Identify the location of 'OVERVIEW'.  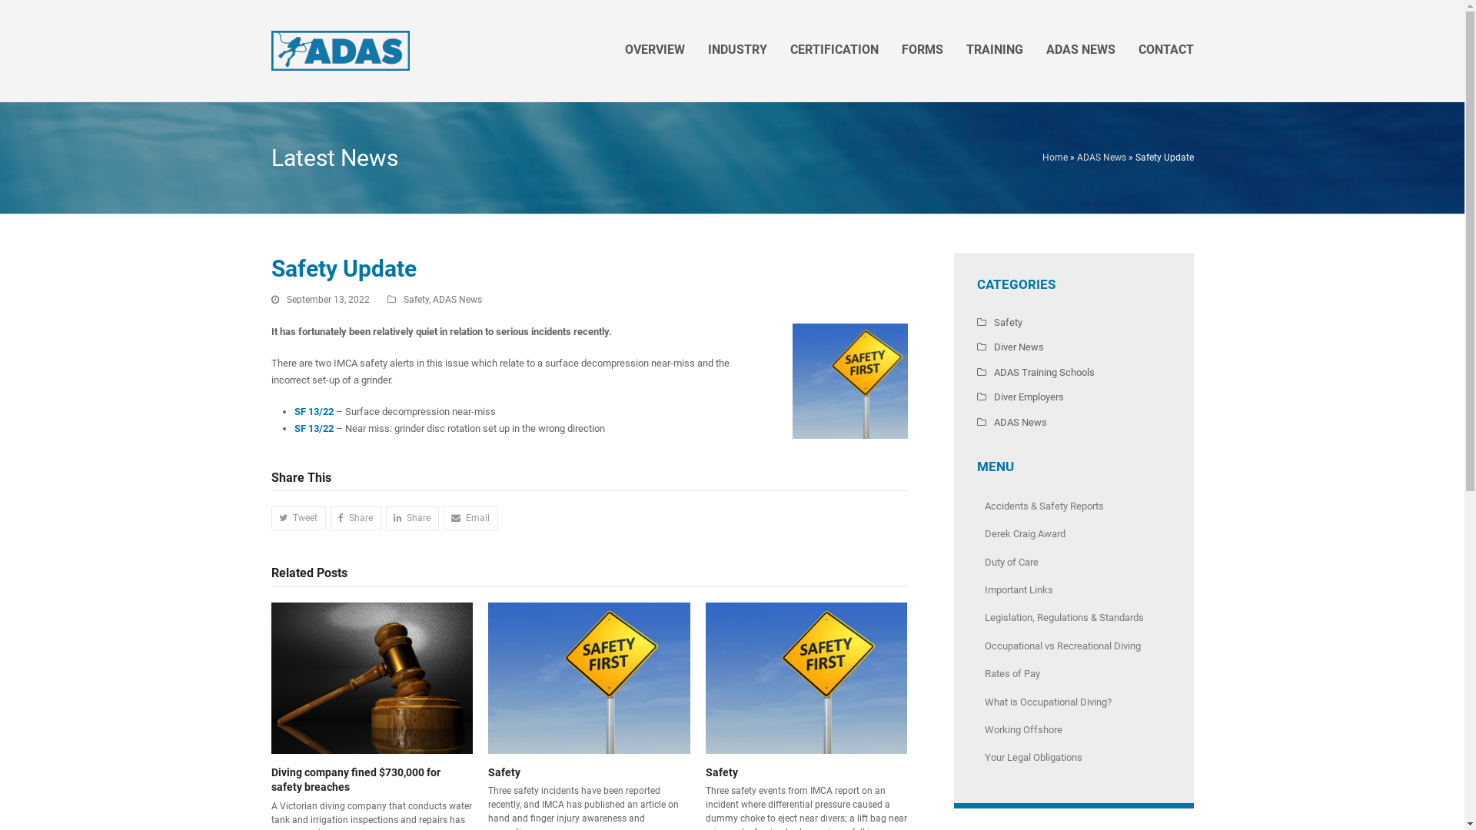
(654, 49).